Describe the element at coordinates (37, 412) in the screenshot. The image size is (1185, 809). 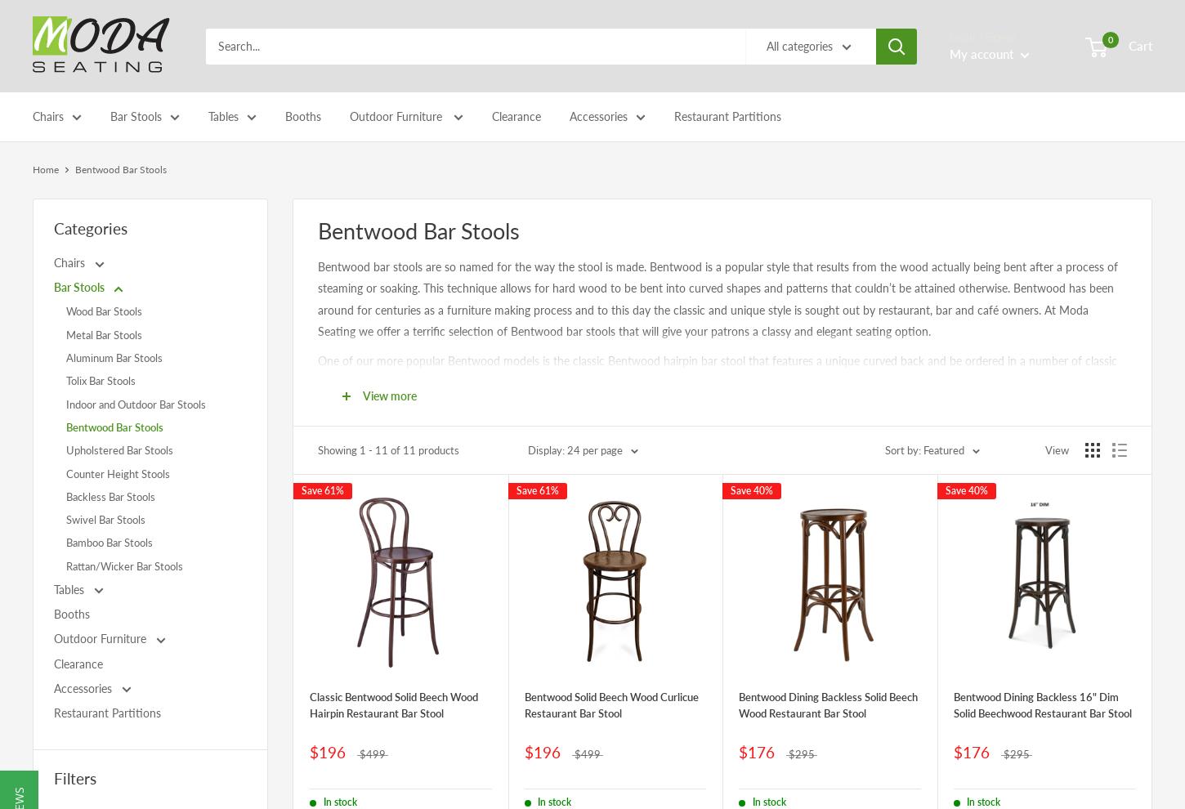
I see `'Indoor and Outdoor Chairs'` at that location.